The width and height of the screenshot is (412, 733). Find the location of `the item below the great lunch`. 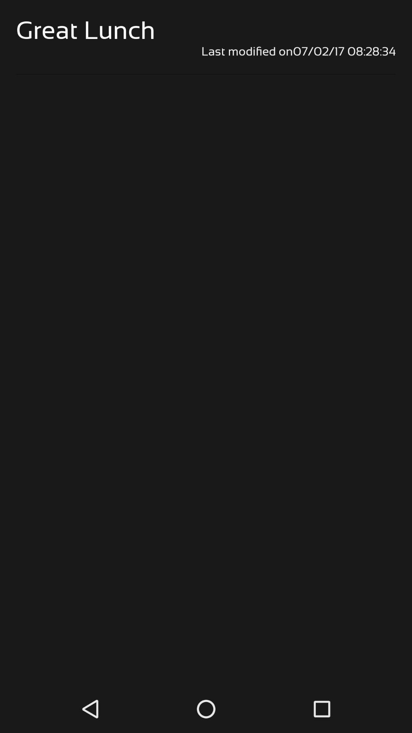

the item below the great lunch is located at coordinates (206, 51).